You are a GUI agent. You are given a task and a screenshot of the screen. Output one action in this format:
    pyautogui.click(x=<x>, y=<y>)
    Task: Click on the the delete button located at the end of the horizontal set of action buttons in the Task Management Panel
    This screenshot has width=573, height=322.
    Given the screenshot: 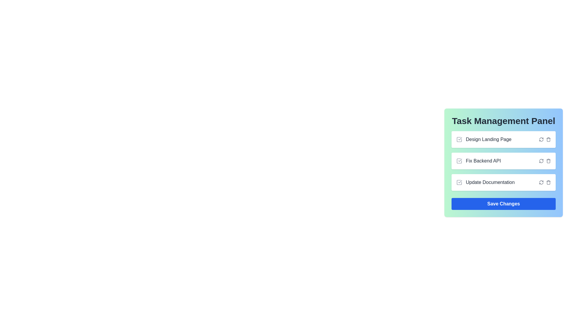 What is the action you would take?
    pyautogui.click(x=549, y=182)
    